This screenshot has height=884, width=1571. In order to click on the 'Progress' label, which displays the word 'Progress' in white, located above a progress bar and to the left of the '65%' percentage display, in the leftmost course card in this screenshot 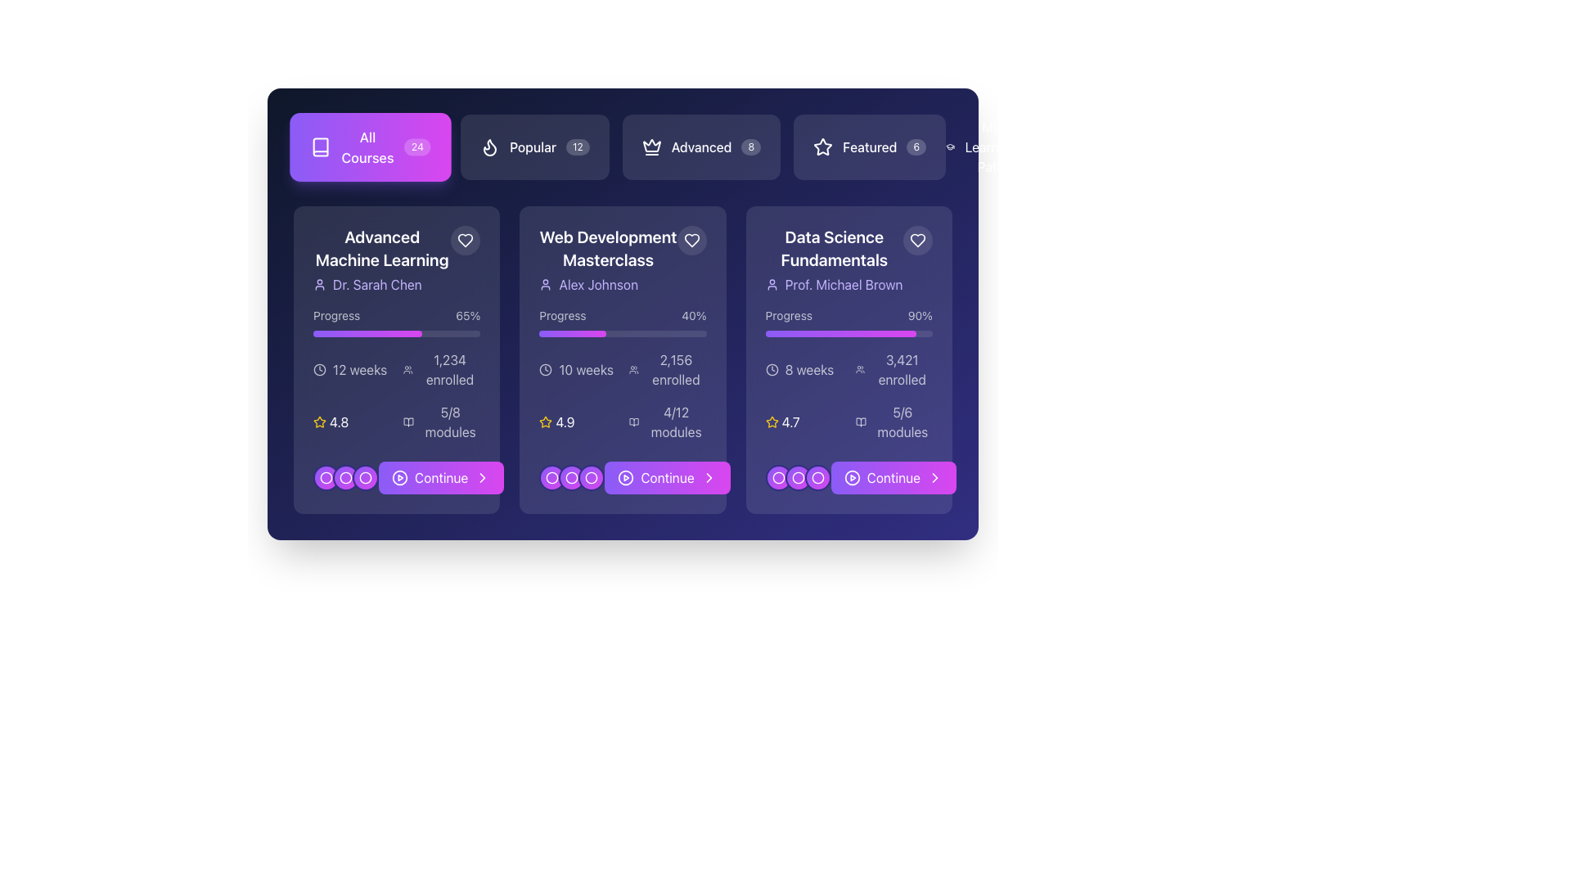, I will do `click(335, 315)`.